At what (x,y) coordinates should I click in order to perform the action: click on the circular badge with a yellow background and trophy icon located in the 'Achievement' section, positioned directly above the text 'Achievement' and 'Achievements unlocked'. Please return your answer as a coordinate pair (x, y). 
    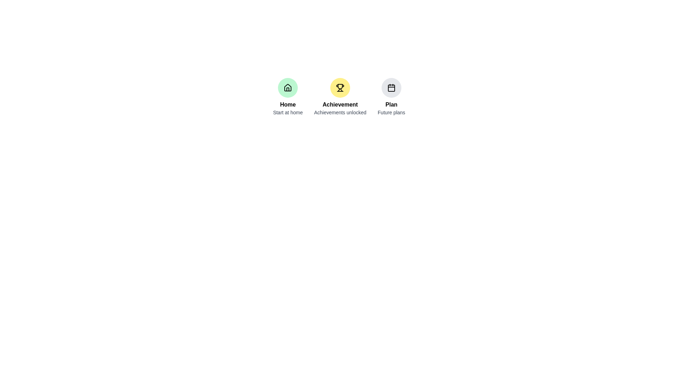
    Looking at the image, I should click on (340, 87).